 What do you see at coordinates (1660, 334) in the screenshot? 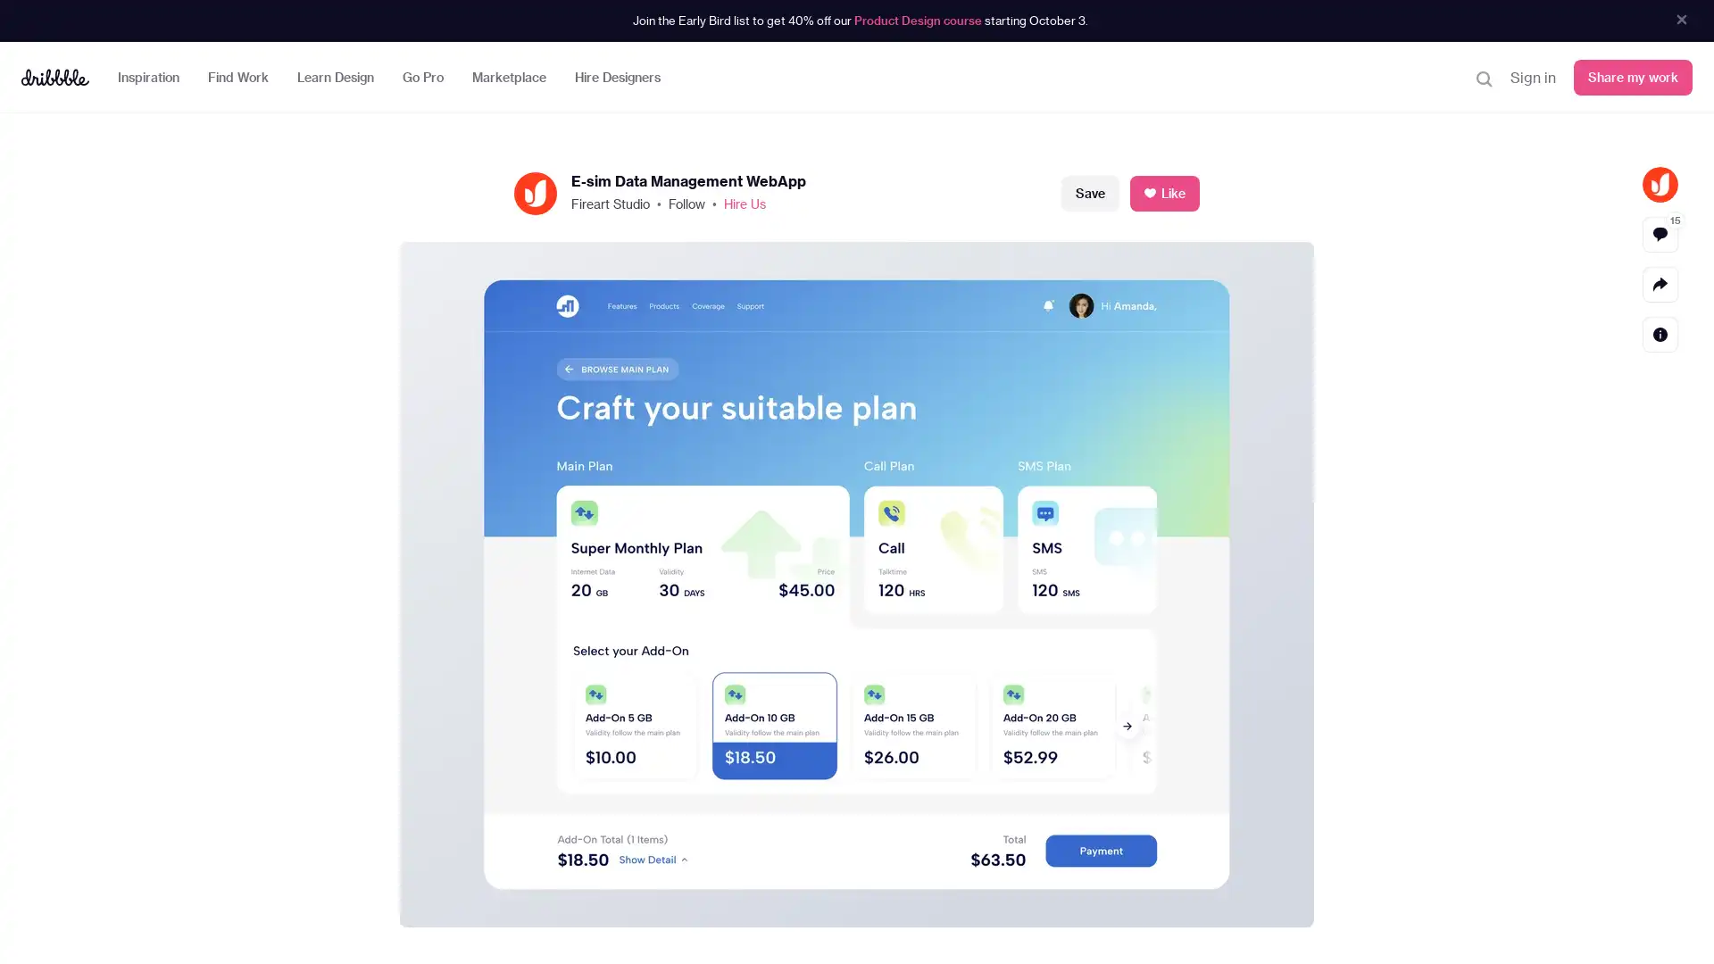
I see `Detail actions` at bounding box center [1660, 334].